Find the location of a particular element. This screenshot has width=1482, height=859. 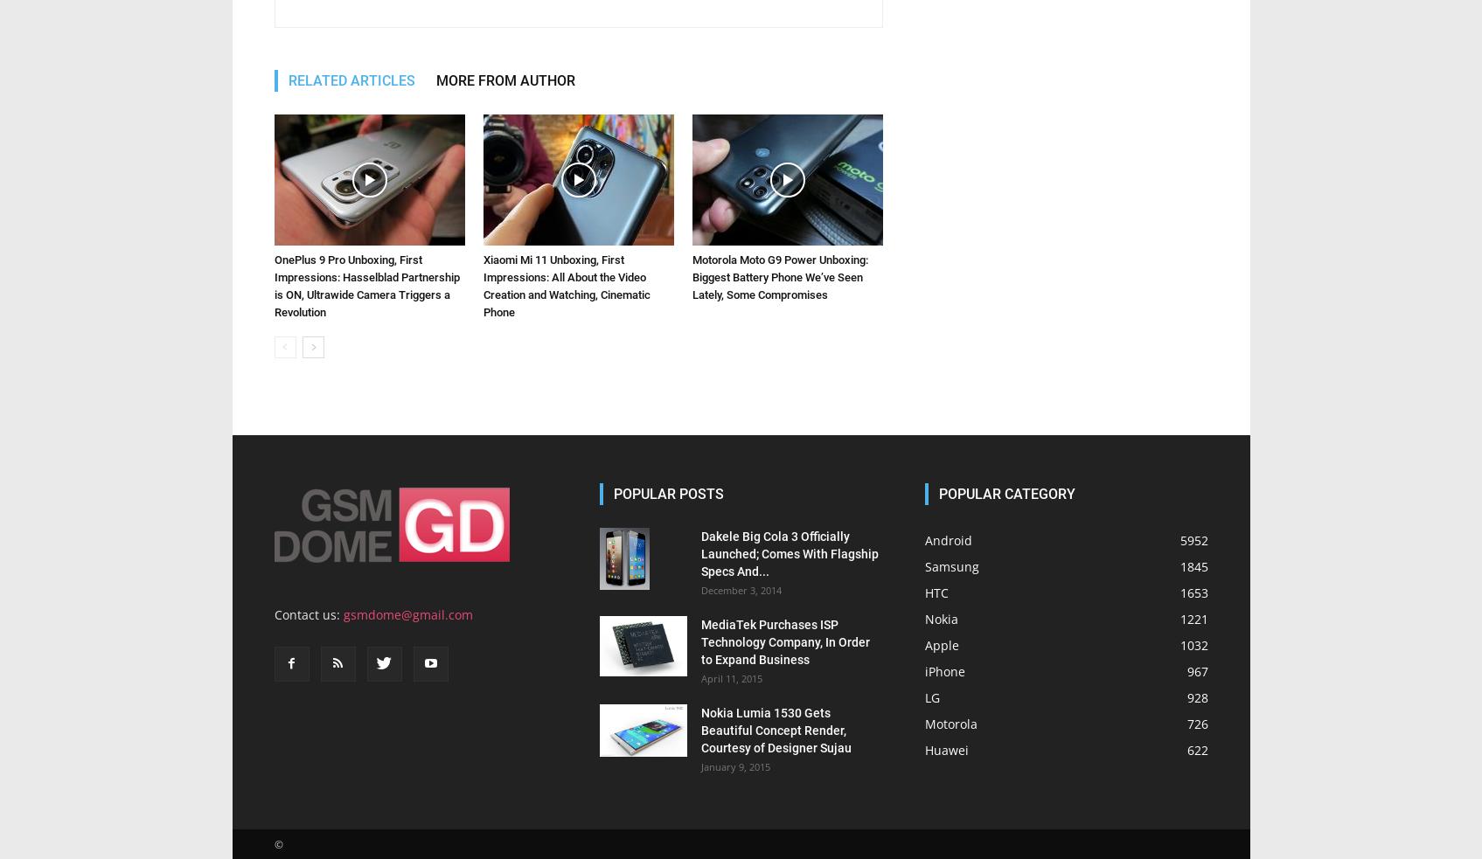

'MediaTek Purchases ISP Technology Company, In Order to Expand Business' is located at coordinates (783, 401).